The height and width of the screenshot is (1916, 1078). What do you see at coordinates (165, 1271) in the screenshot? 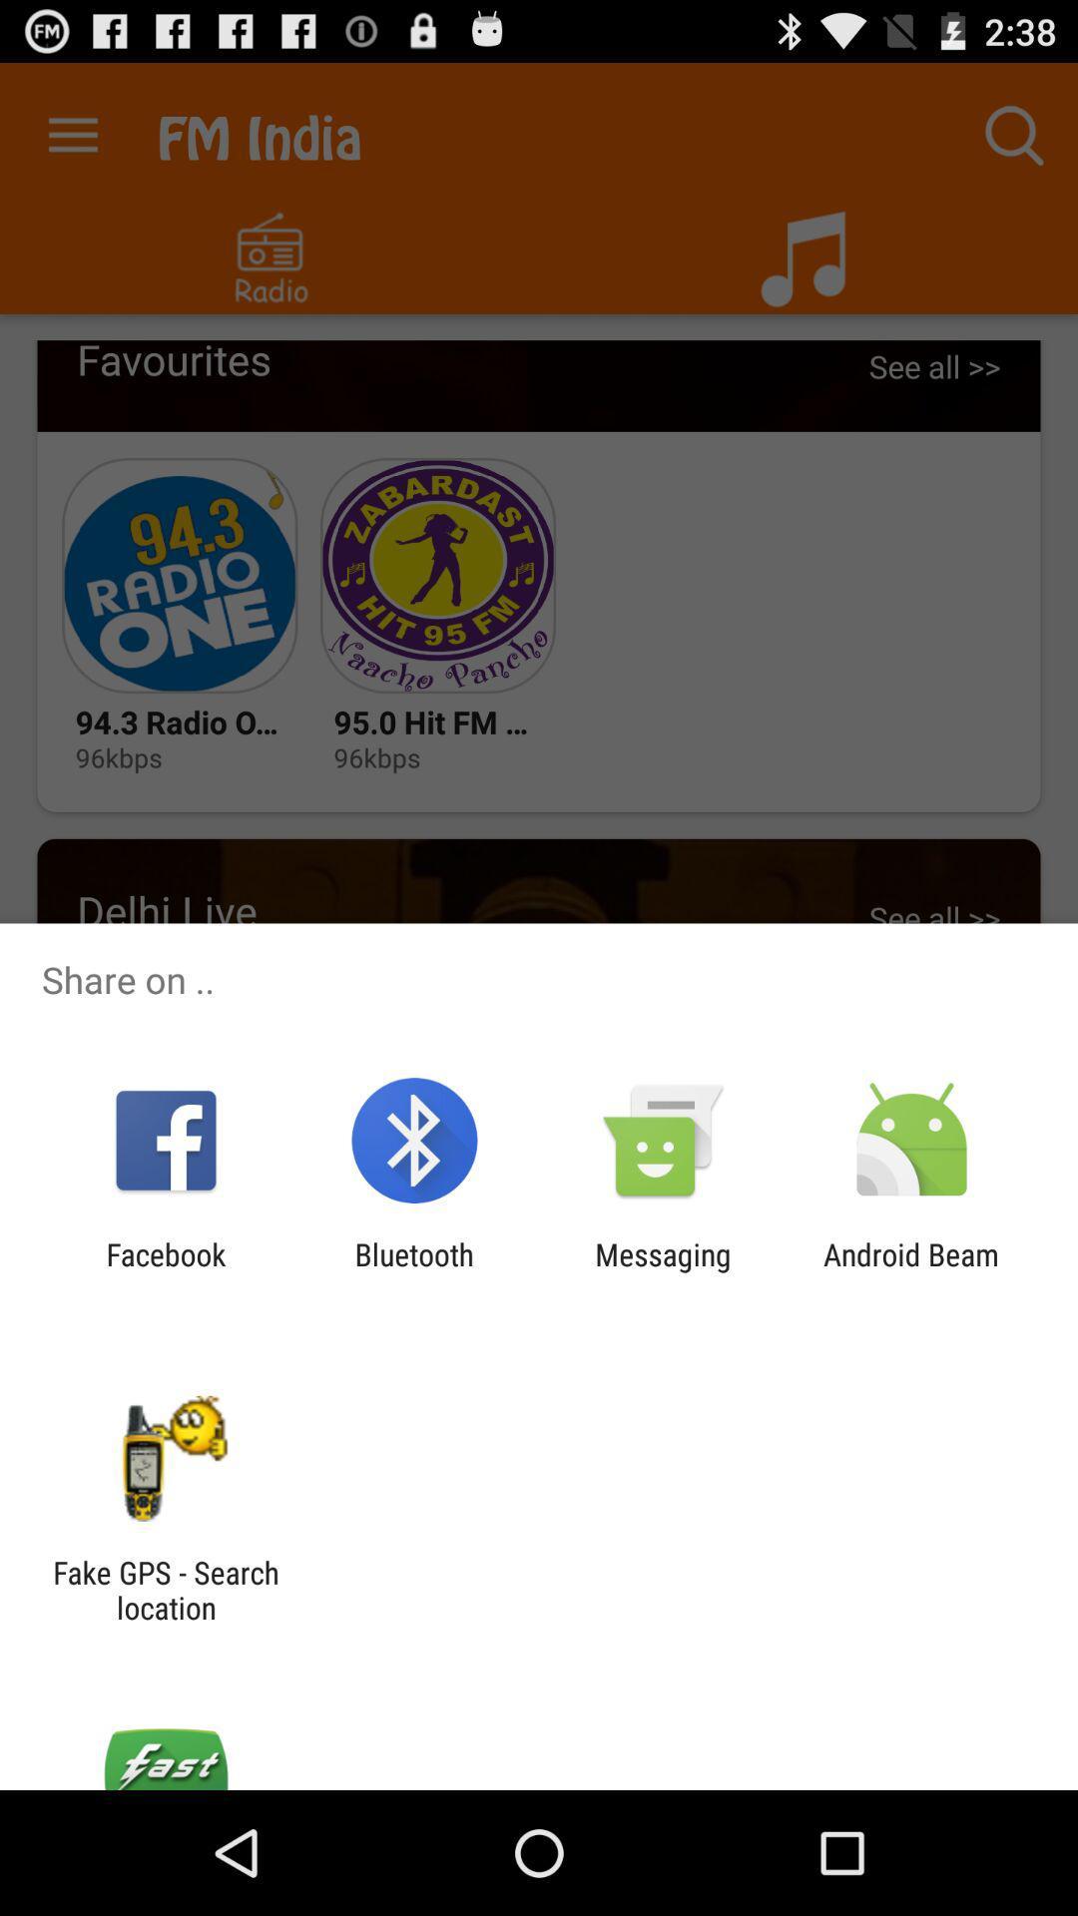
I see `the facebook item` at bounding box center [165, 1271].